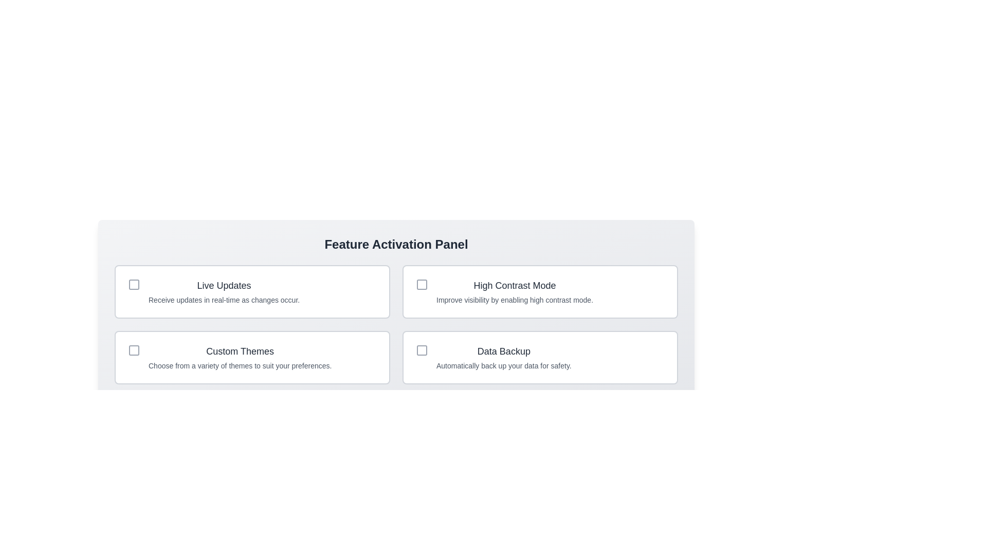 The width and height of the screenshot is (987, 555). I want to click on the static text heading 'Data Backup', which is prominently displayed in a large, bold, dark gray font against a white background, located in the bottom-right cell of a grid layout, so click(504, 350).